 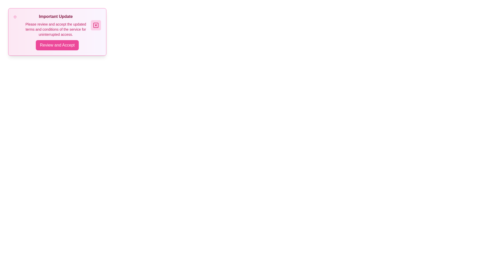 I want to click on the warning icon located to the far left of the 'Important Update' card, which is horizontally adjacent to the heading and vertically centered within the card, so click(x=15, y=17).